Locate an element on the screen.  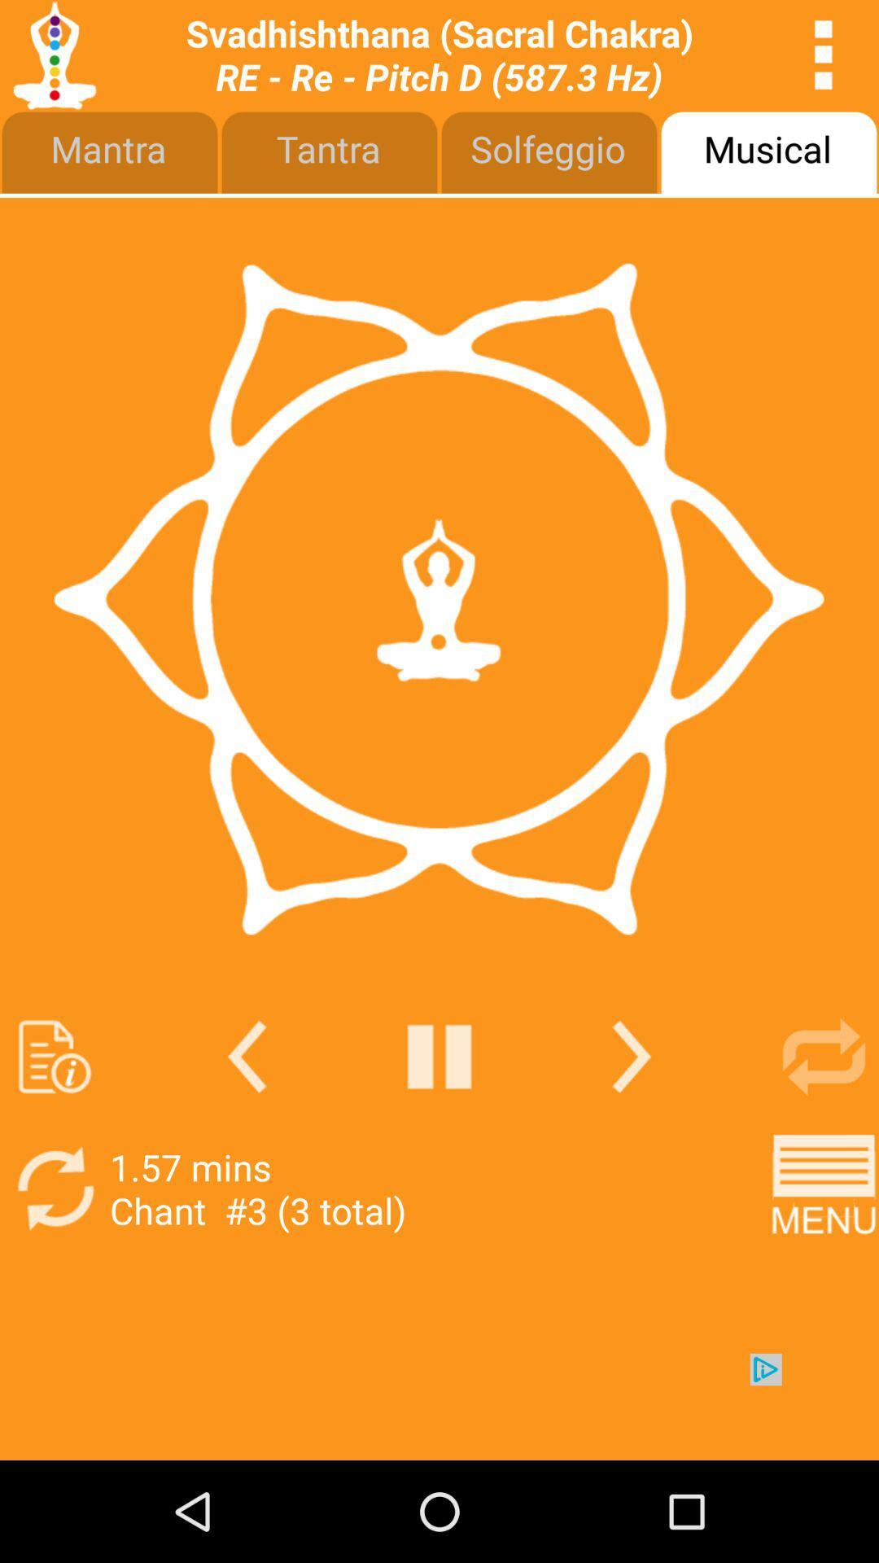
this button is for more options is located at coordinates (824, 55).